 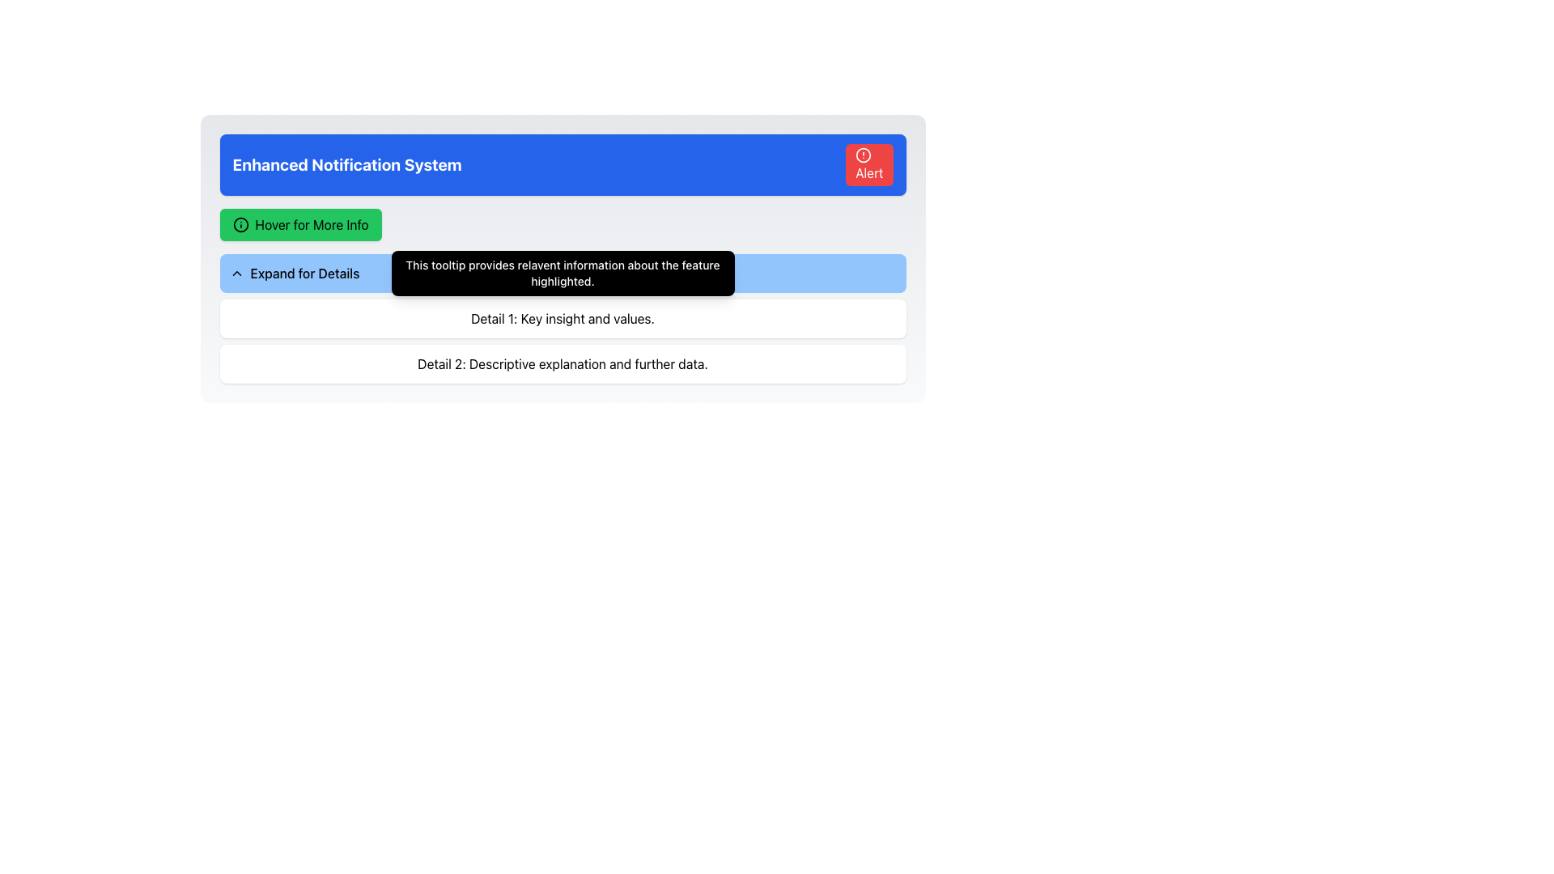 I want to click on the alert icon located within the red 'Alert' button at the top-right corner of the interface, which is part of a blue header panel, so click(x=862, y=155).